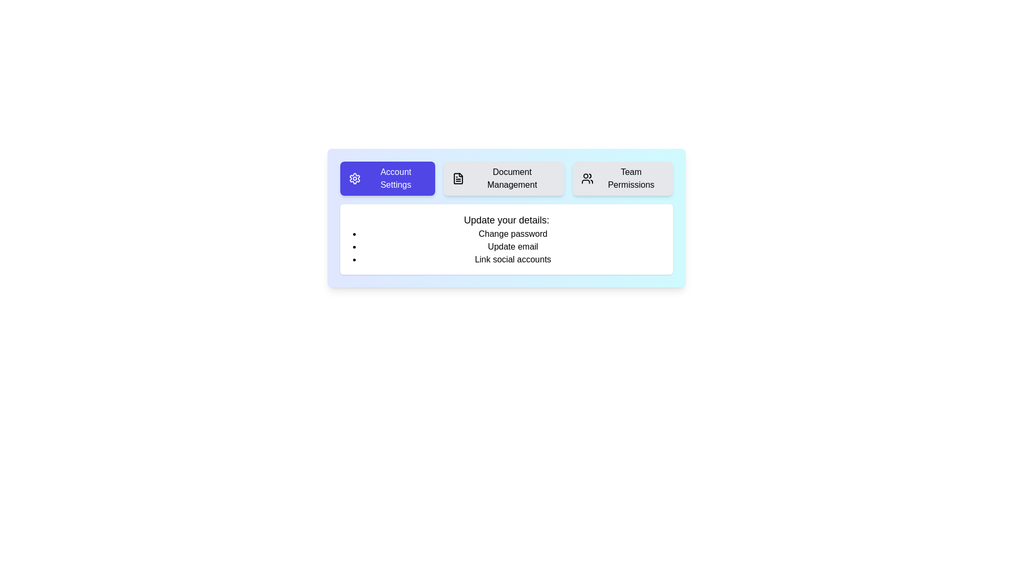 Image resolution: width=1024 pixels, height=576 pixels. I want to click on the text label that reads 'Update email', which is the second item in a bulleted list located in the 'Account Settings' panel, so click(513, 246).